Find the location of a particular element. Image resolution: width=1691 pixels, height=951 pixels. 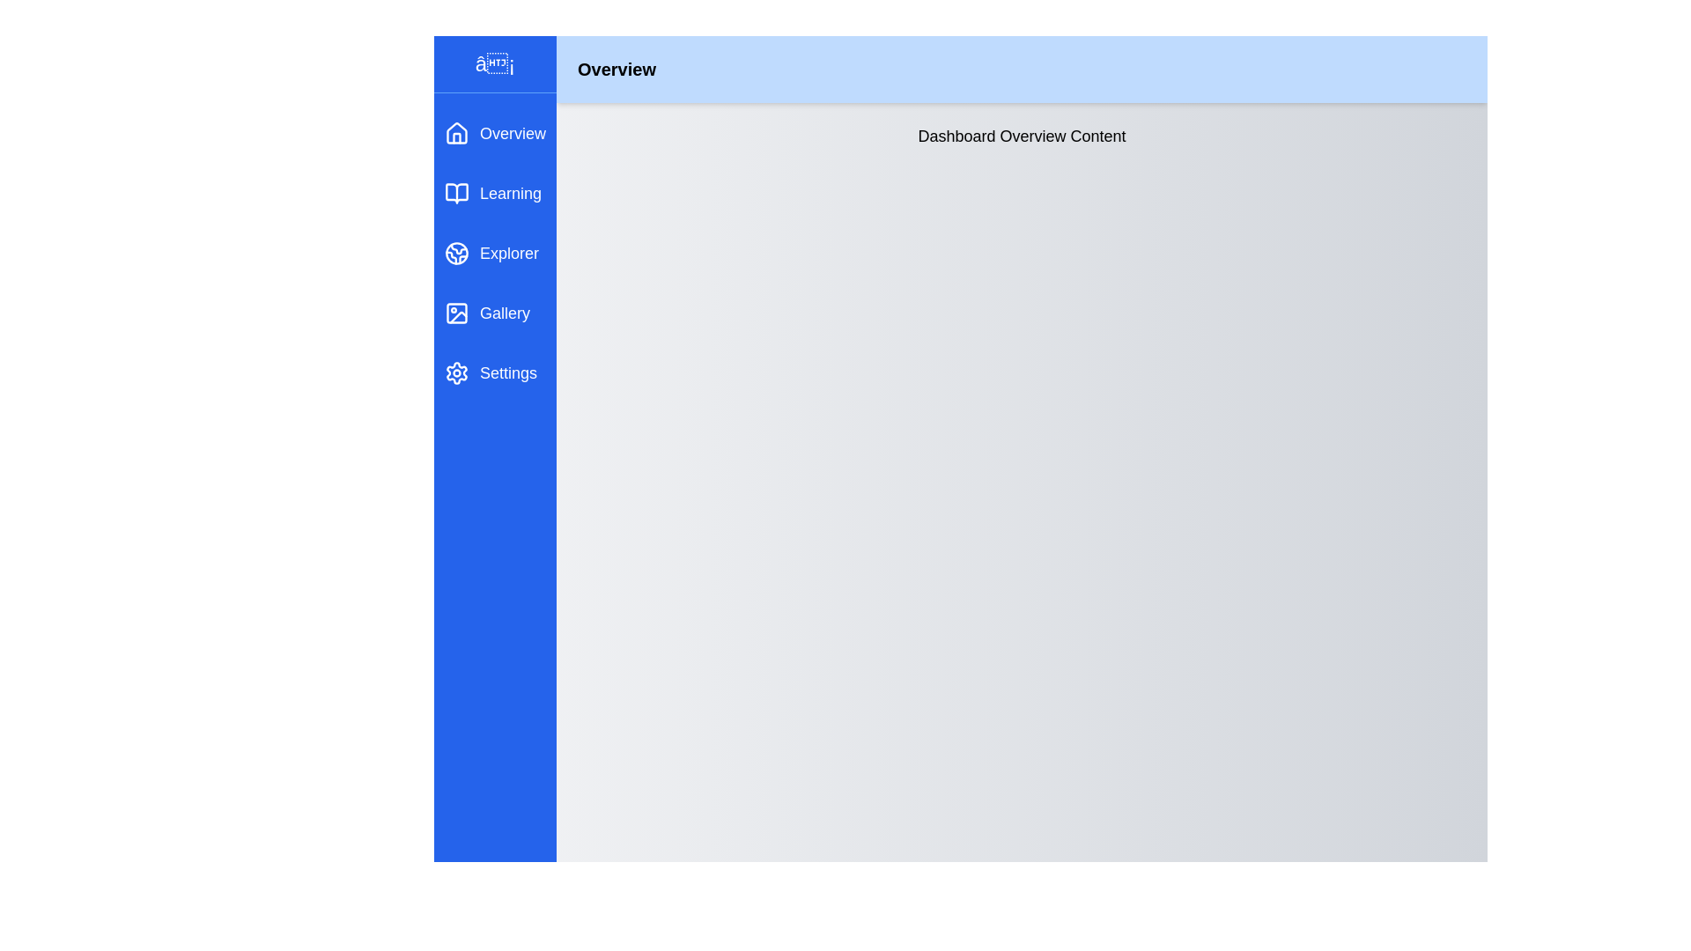

the 'Learning' category icon in the sidebar navigation menu is located at coordinates (456, 193).